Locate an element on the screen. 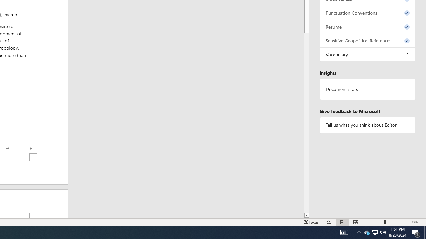 The image size is (426, 239). 'Document statistics' is located at coordinates (367, 89).